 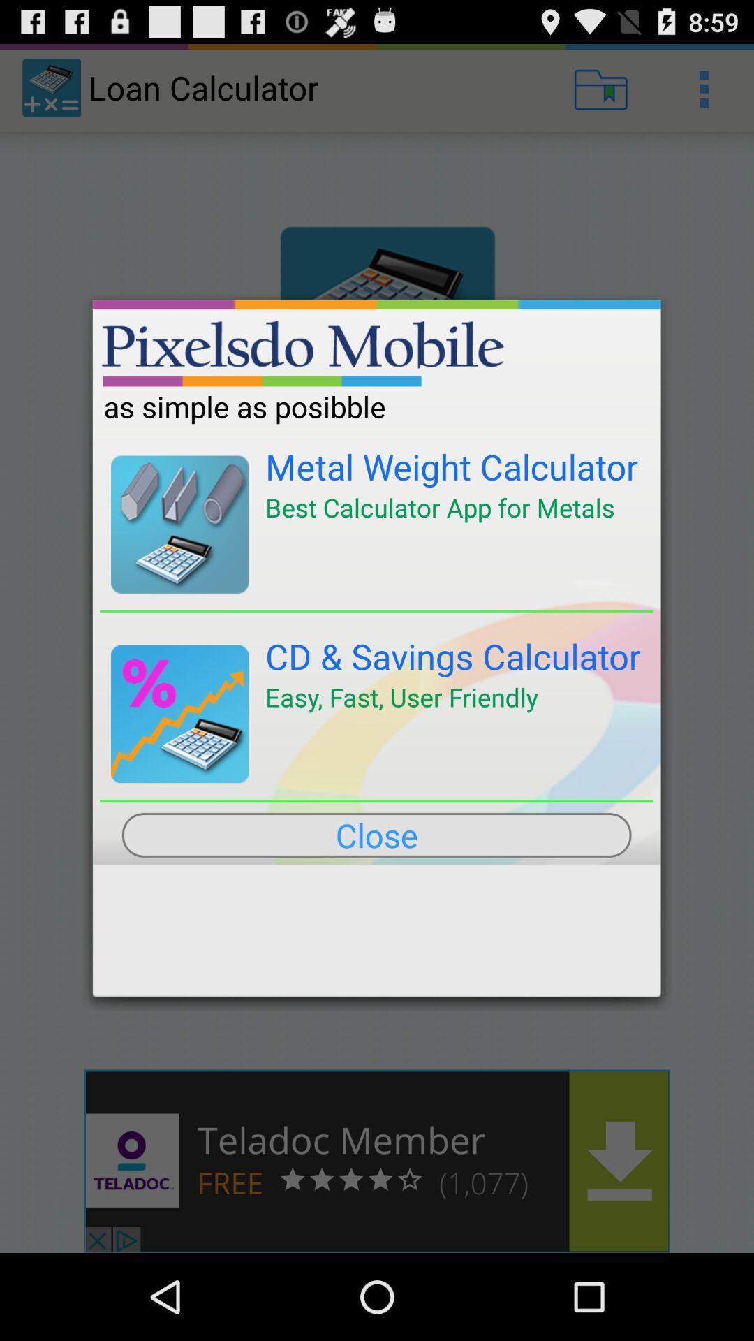 I want to click on item above the best calculator app item, so click(x=452, y=467).